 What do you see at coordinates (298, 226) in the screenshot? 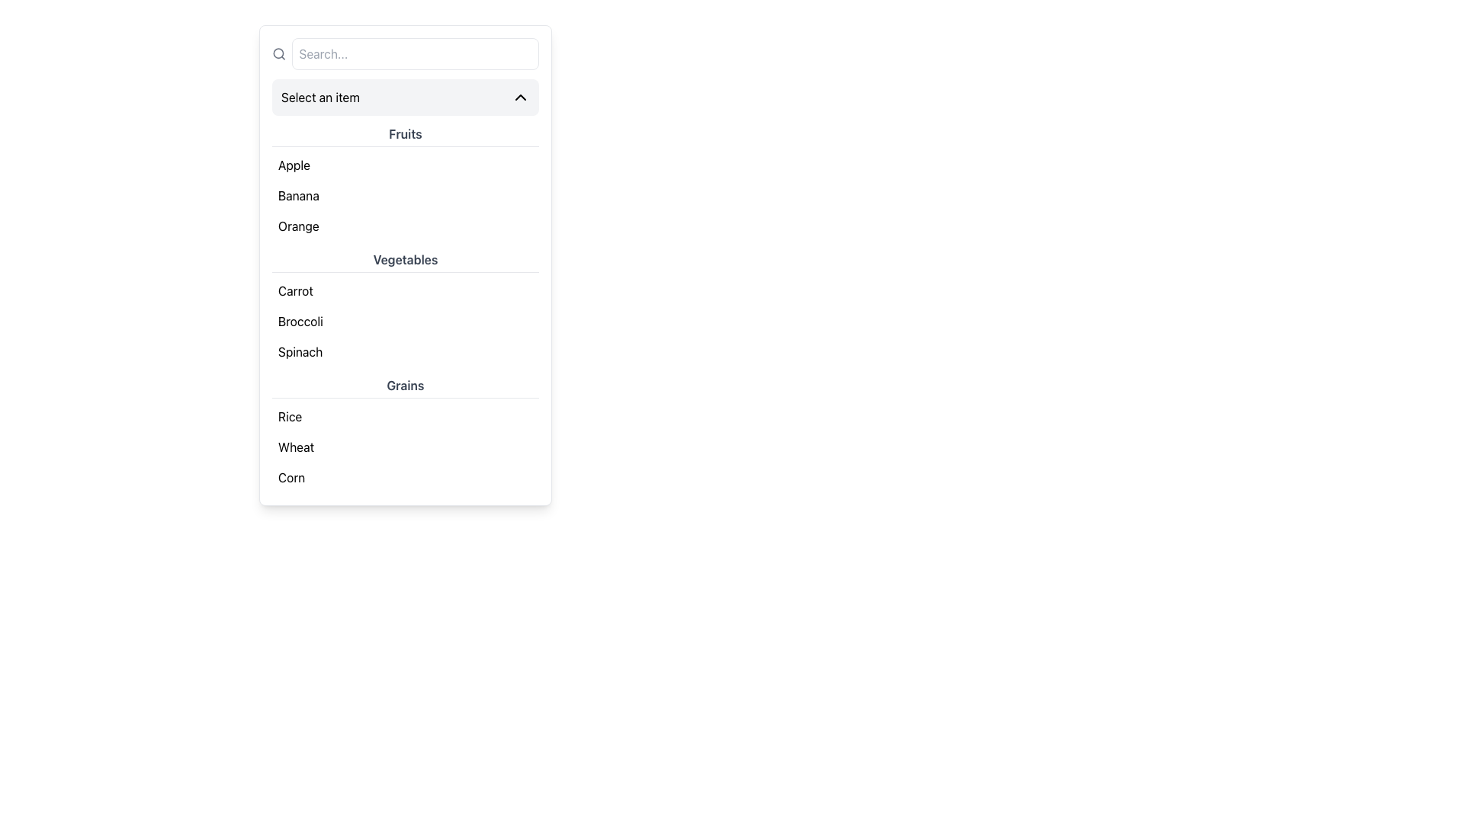
I see `the 'Orange' menu item, which is the third item under the 'Fruits' category in the dropdown menu` at bounding box center [298, 226].